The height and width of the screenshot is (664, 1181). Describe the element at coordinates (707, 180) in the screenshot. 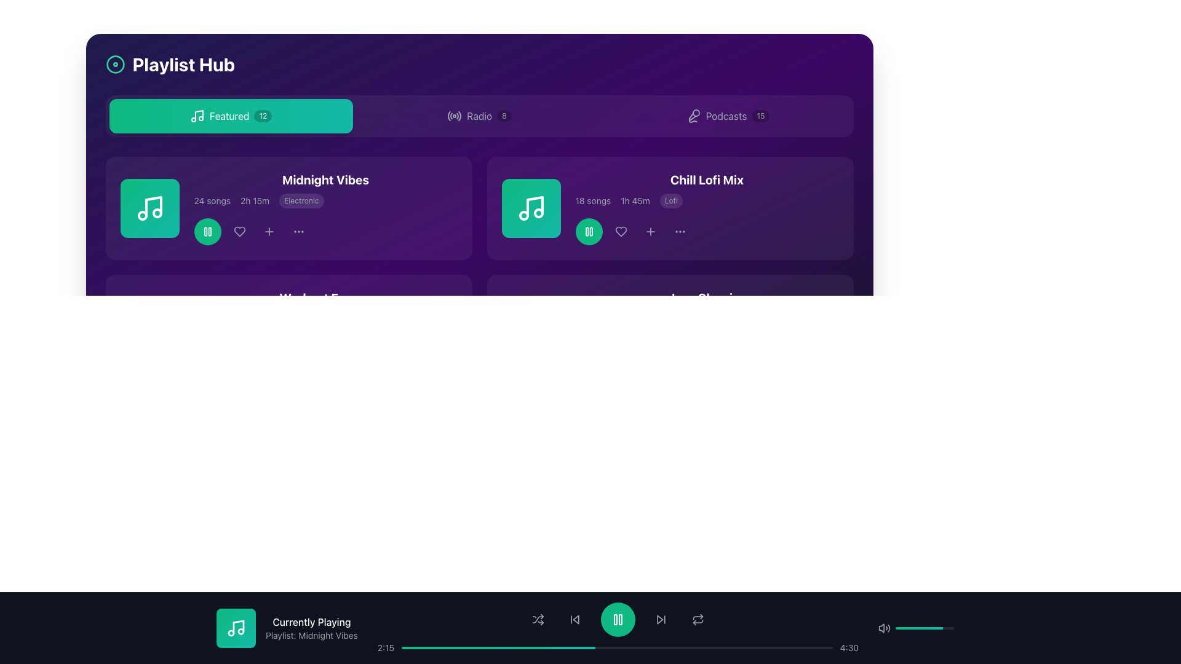

I see `the playlist` at that location.